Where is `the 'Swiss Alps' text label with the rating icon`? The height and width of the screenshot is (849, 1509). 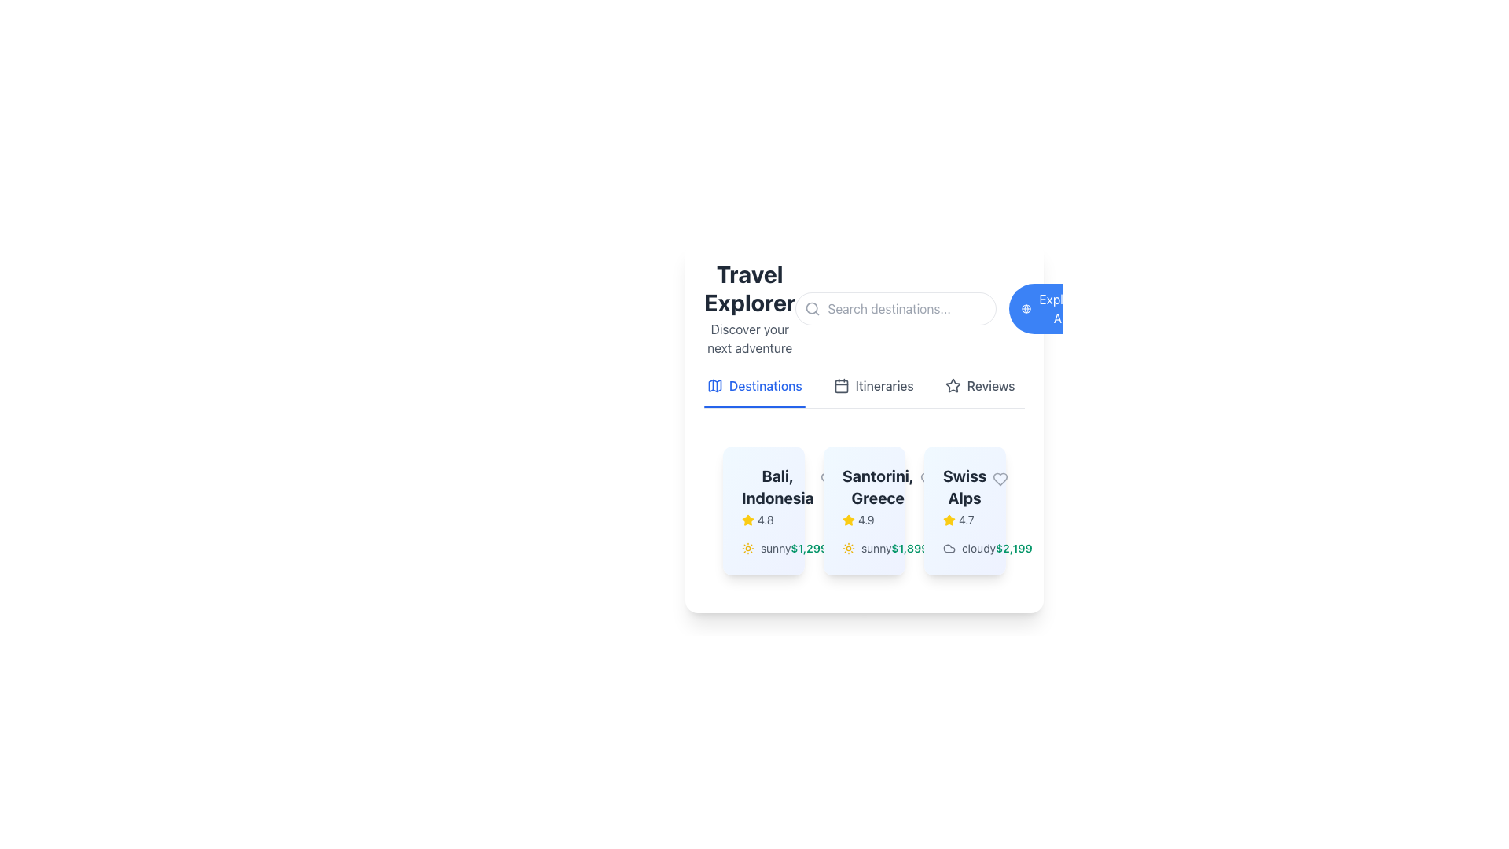 the 'Swiss Alps' text label with the rating icon is located at coordinates (964, 497).